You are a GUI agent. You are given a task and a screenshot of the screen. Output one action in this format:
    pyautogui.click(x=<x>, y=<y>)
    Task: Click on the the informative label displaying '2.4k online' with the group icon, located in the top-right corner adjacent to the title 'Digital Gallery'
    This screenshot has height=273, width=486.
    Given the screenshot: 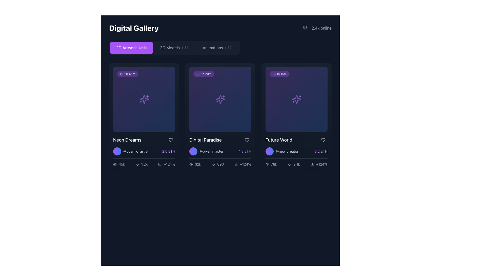 What is the action you would take?
    pyautogui.click(x=317, y=28)
    